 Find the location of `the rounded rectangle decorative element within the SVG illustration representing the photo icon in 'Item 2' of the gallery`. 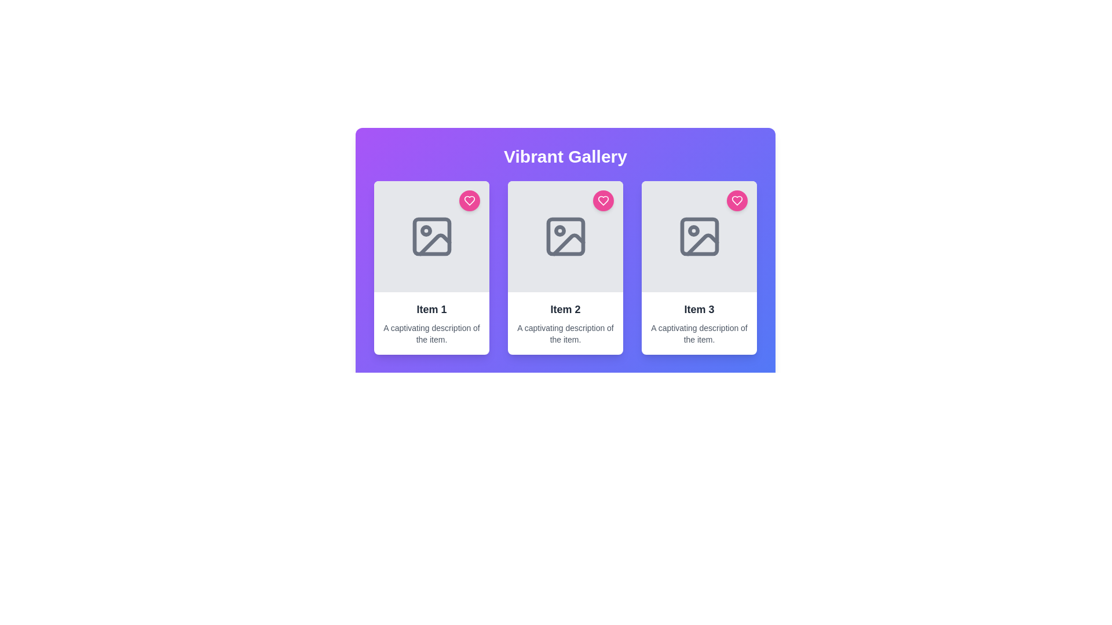

the rounded rectangle decorative element within the SVG illustration representing the photo icon in 'Item 2' of the gallery is located at coordinates (565, 236).